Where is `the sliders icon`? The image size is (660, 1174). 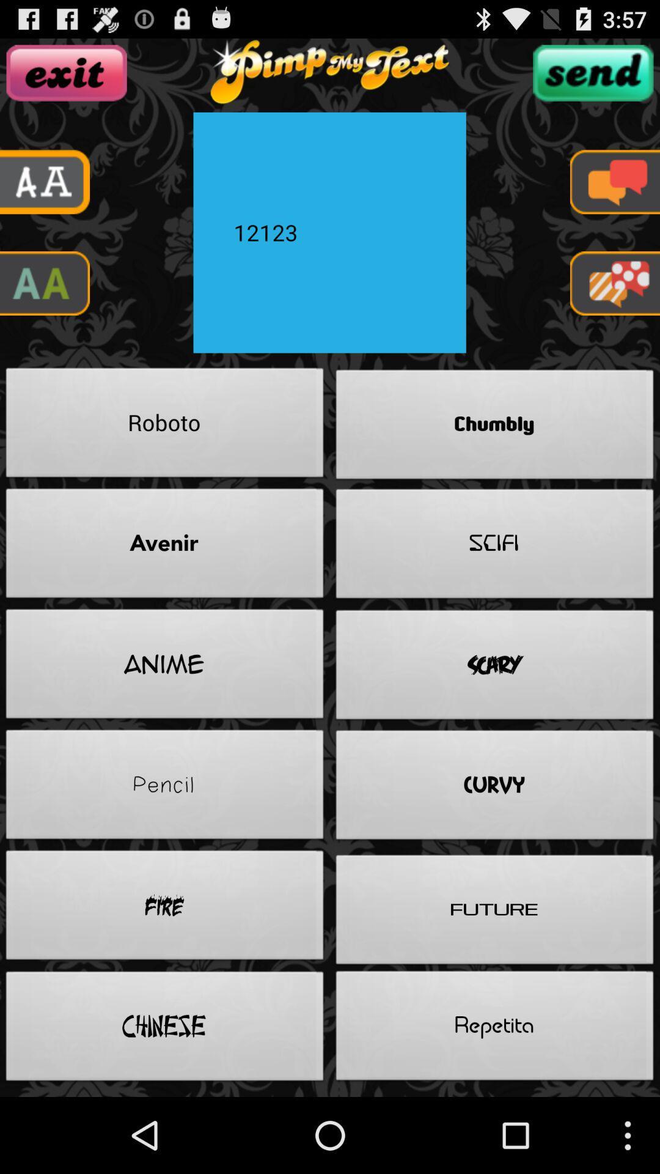
the sliders icon is located at coordinates (67, 78).